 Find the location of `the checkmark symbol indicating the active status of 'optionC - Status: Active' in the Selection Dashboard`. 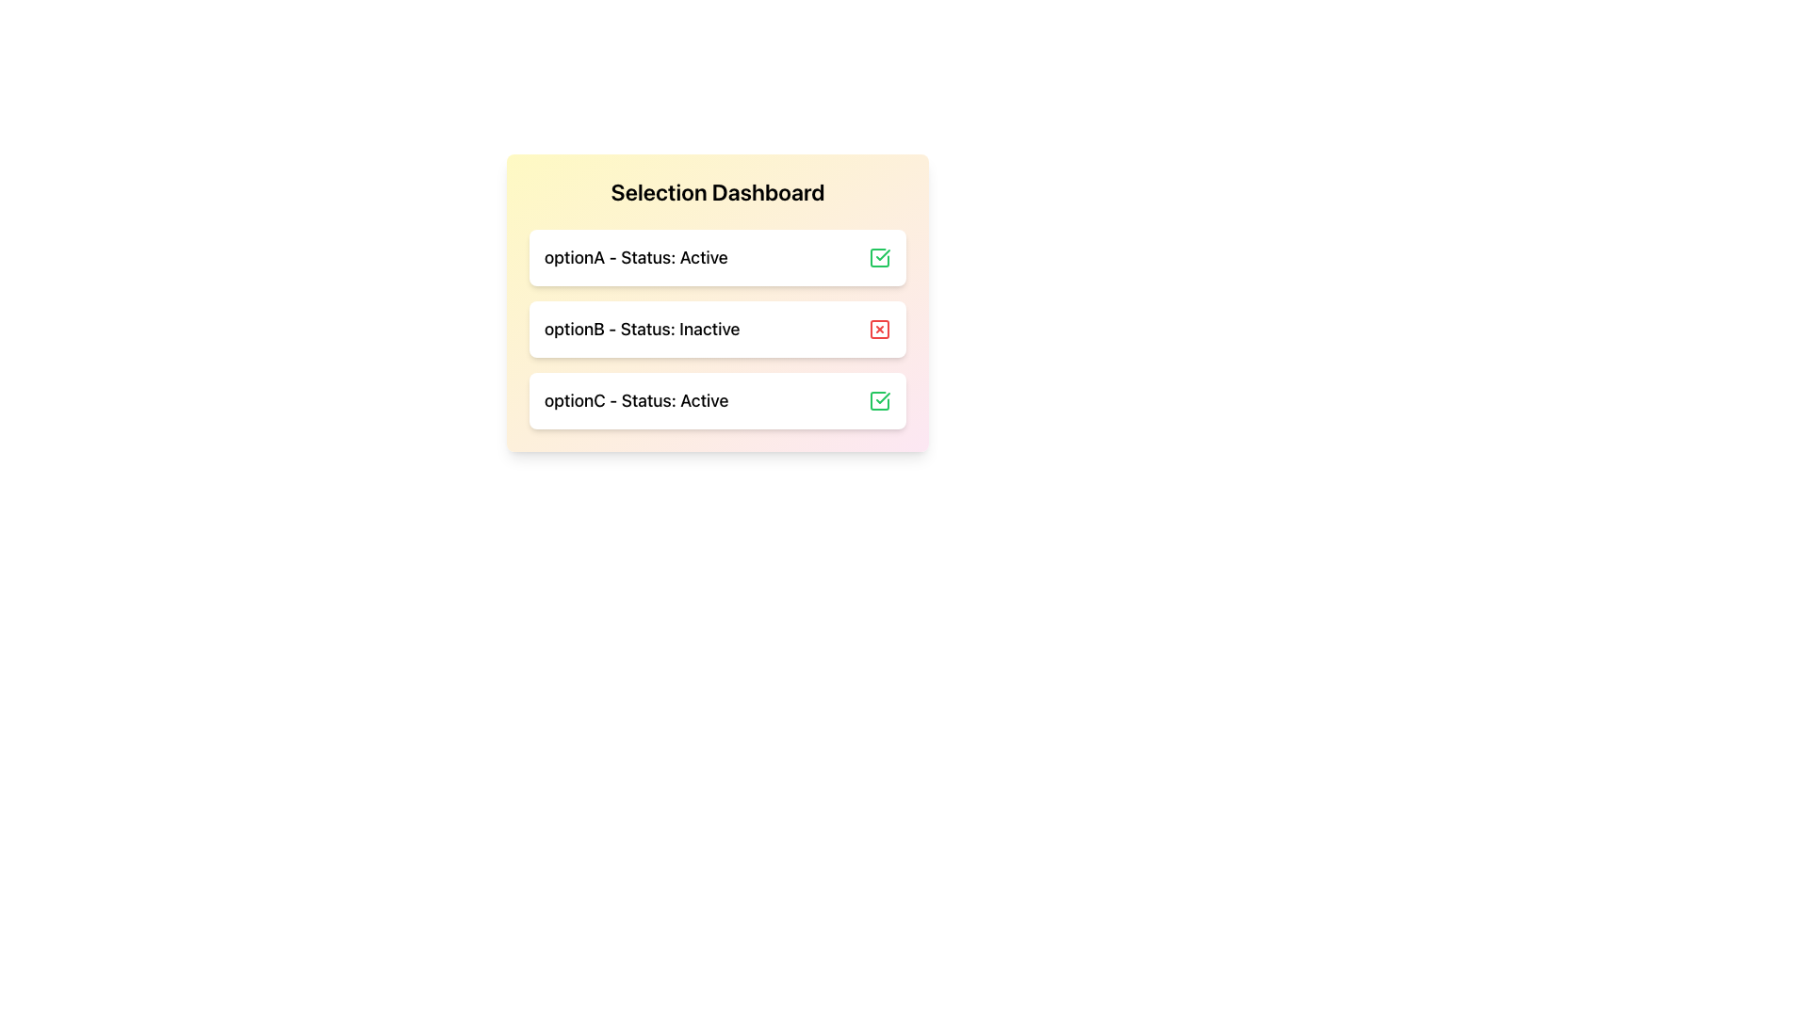

the checkmark symbol indicating the active status of 'optionC - Status: Active' in the Selection Dashboard is located at coordinates (882, 254).